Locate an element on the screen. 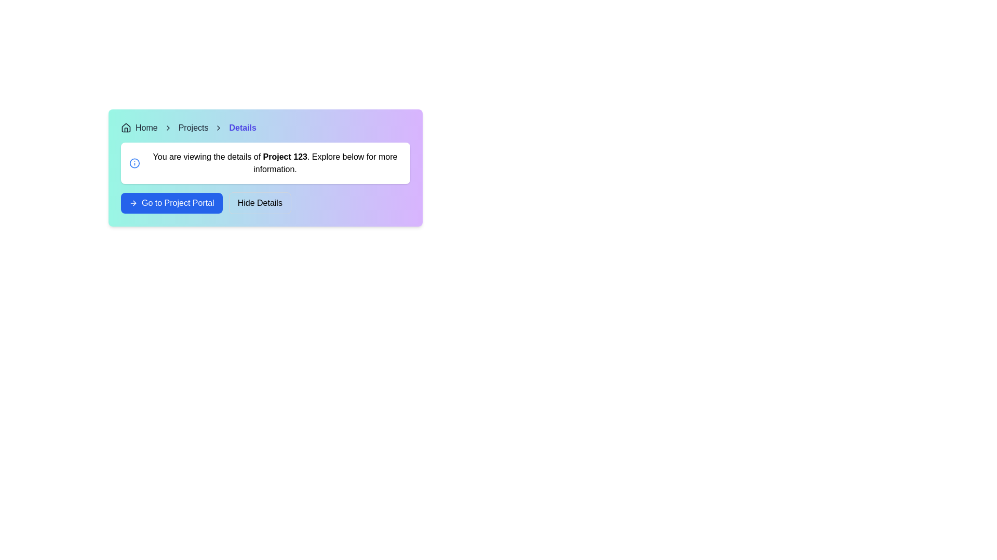 The height and width of the screenshot is (560, 997). the icon located to the far left within a rectangular white box with rounded corners and a shadow effect, which contains the text 'You are viewing the details of Project 123.' is located at coordinates (134, 163).